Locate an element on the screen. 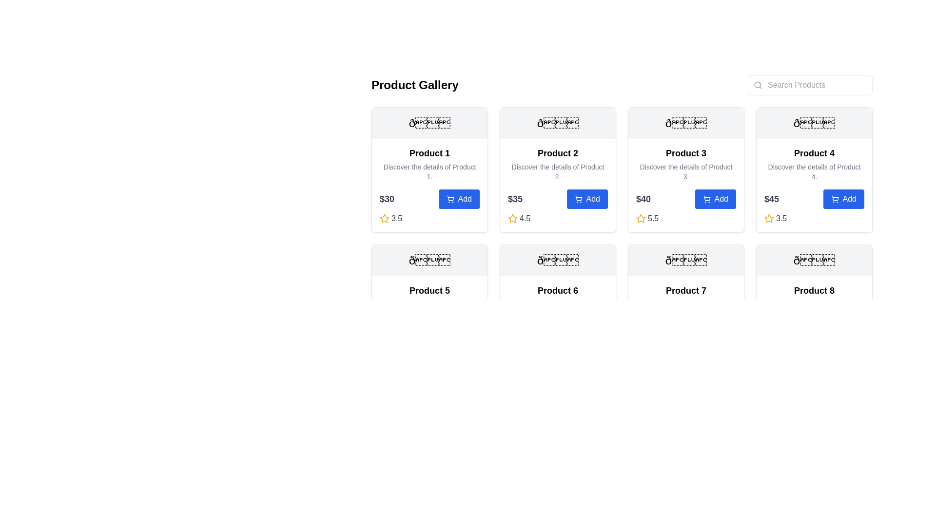  the shopping cart icon is located at coordinates (706, 198).